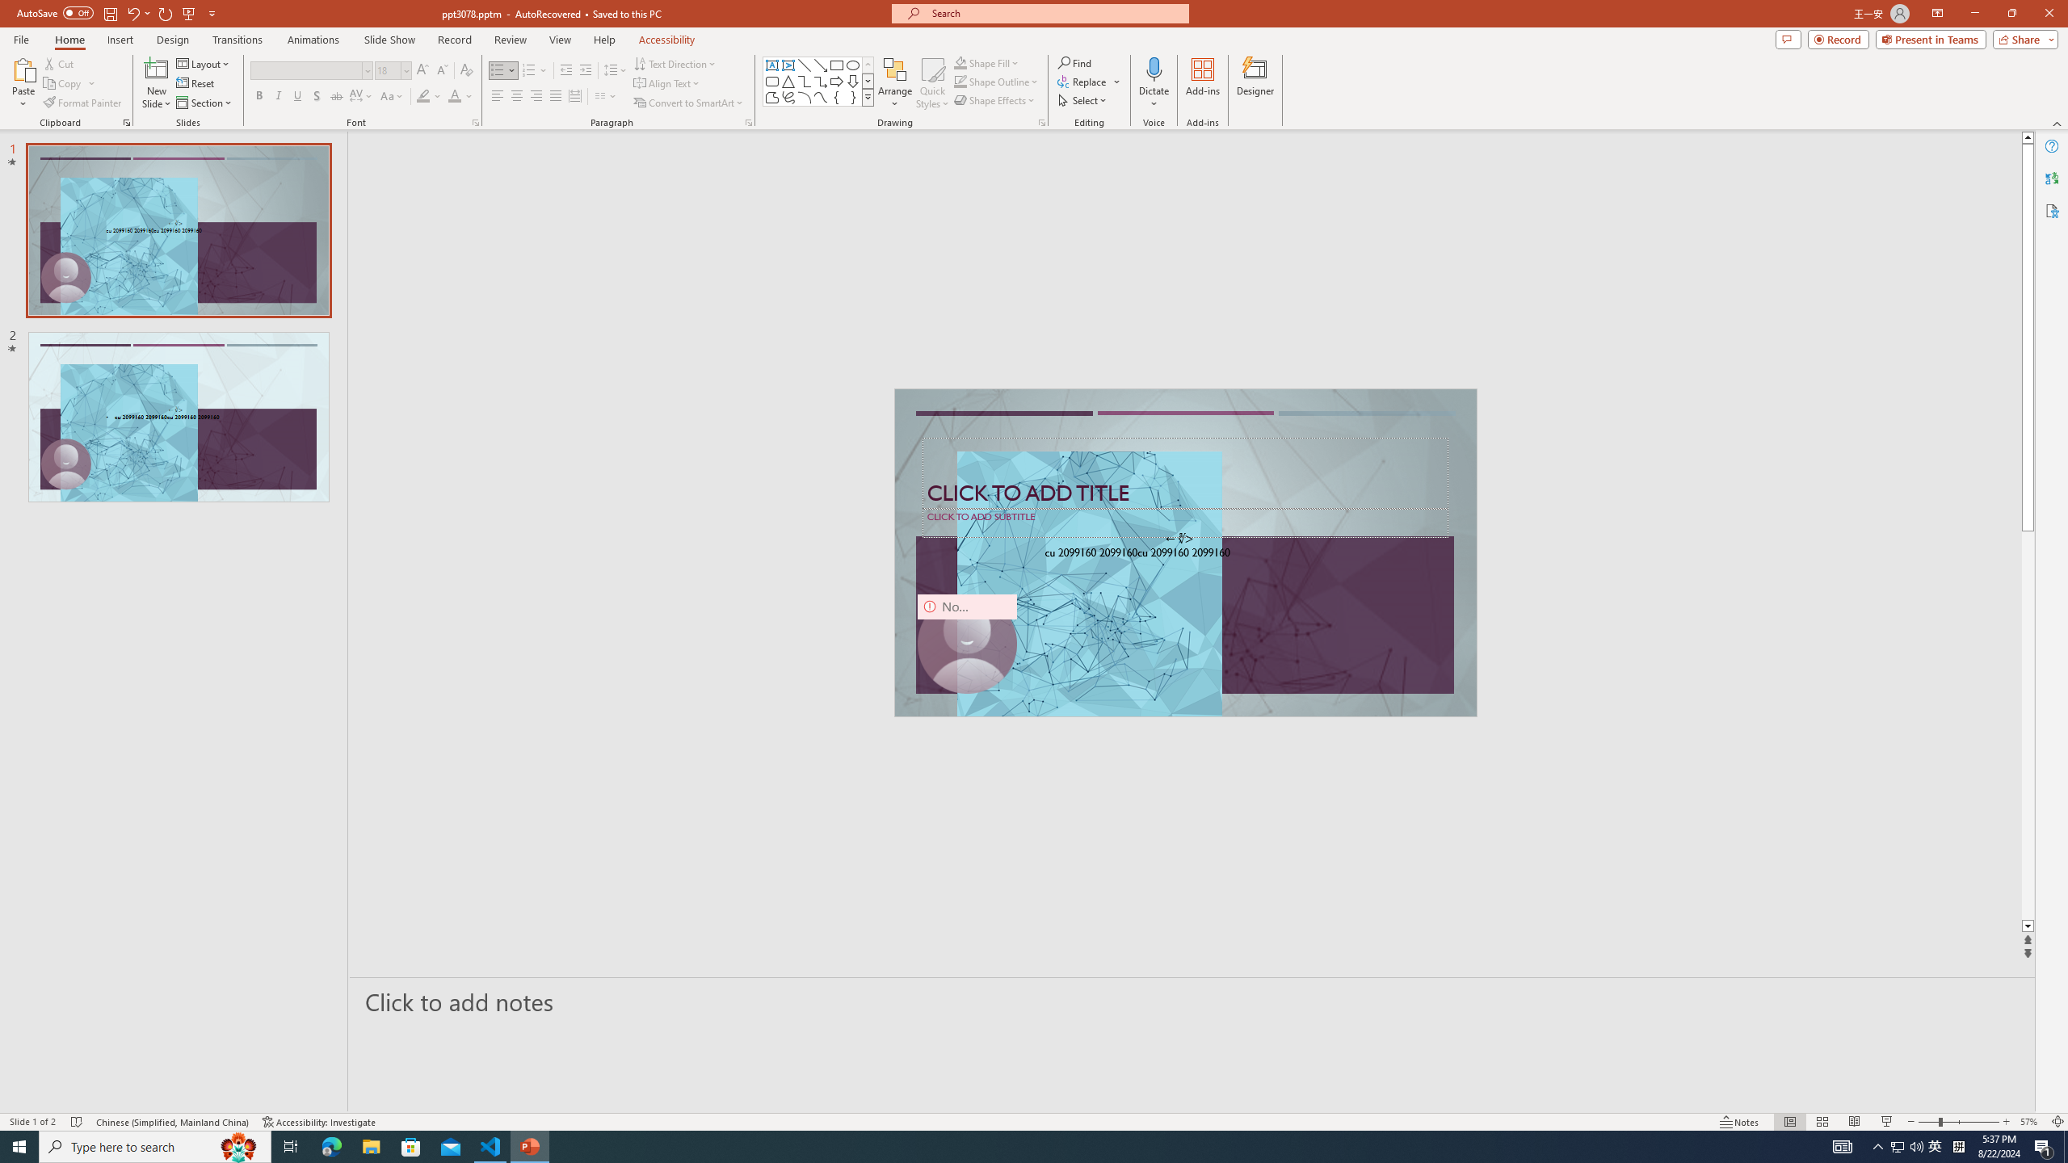 This screenshot has height=1163, width=2068. Describe the element at coordinates (1153, 83) in the screenshot. I see `'Dictate'` at that location.